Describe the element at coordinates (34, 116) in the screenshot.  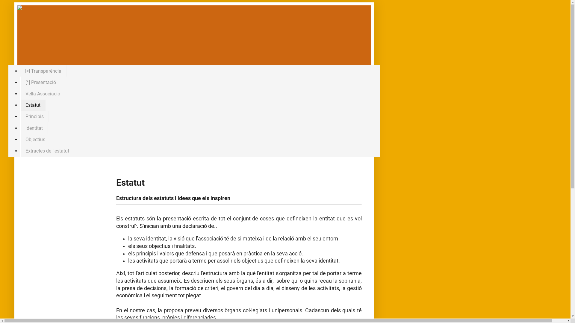
I see `'Principis'` at that location.